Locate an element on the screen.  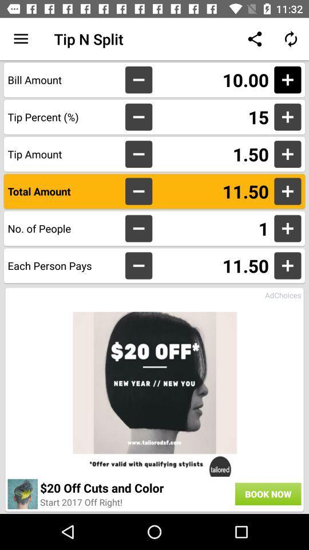
icon next to book now icon is located at coordinates (136, 487).